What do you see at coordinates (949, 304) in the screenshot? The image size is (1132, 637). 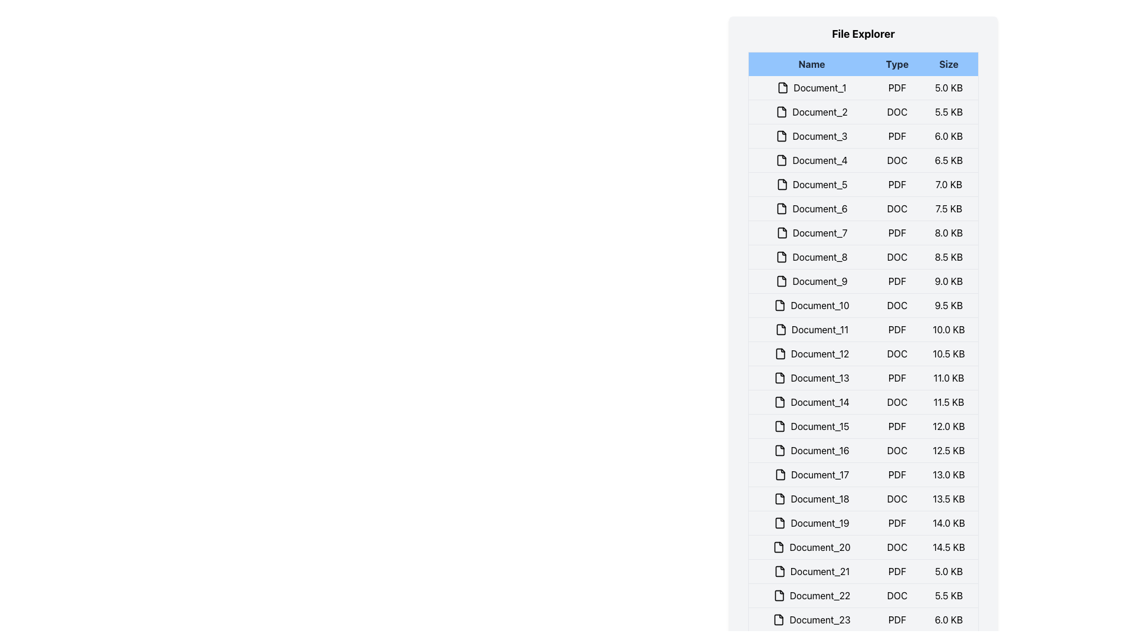 I see `the text label displaying '9.5 KB' in the bottom-right corner of the 'Size' column for 'Document_10 DOC' indicating file size` at bounding box center [949, 304].